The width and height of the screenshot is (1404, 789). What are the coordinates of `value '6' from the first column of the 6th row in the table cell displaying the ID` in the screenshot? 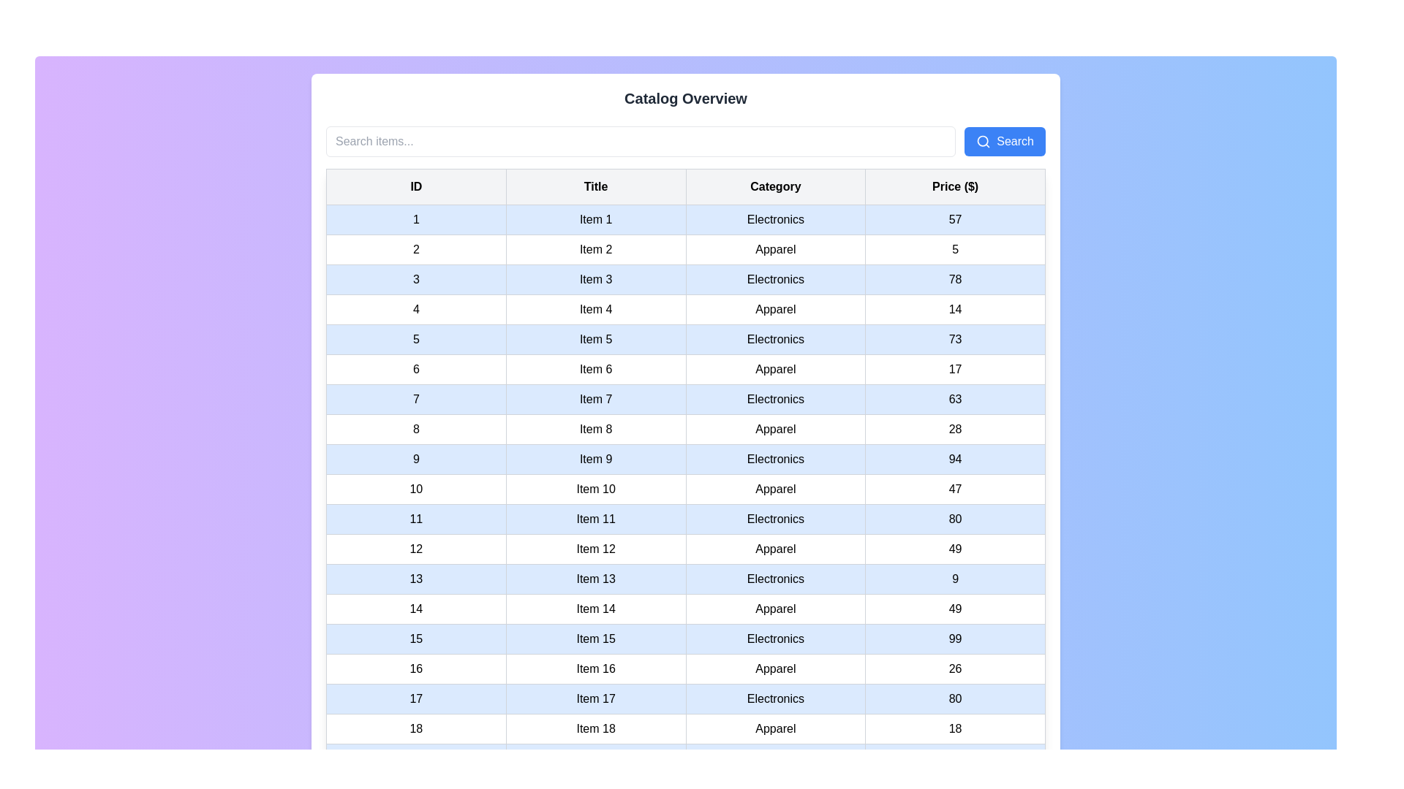 It's located at (415, 368).